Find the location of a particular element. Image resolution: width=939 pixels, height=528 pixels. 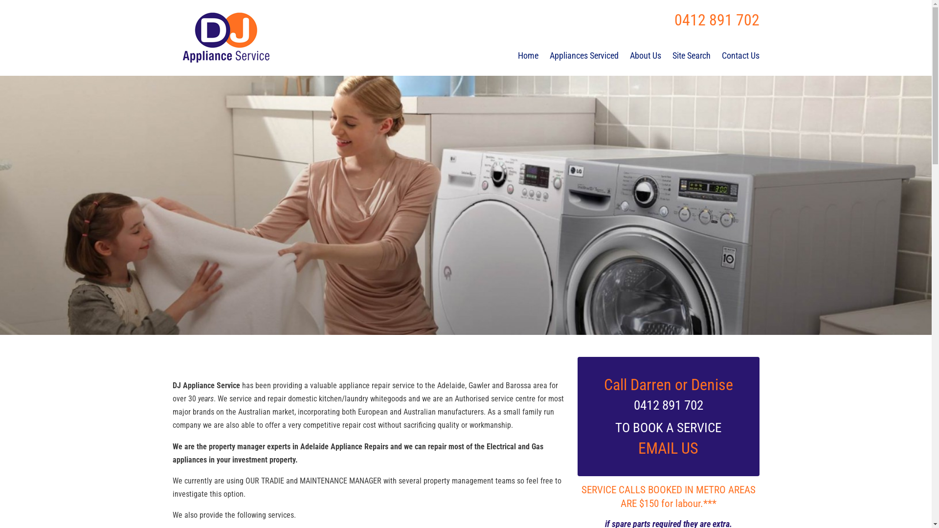

'Site Search' is located at coordinates (671, 56).